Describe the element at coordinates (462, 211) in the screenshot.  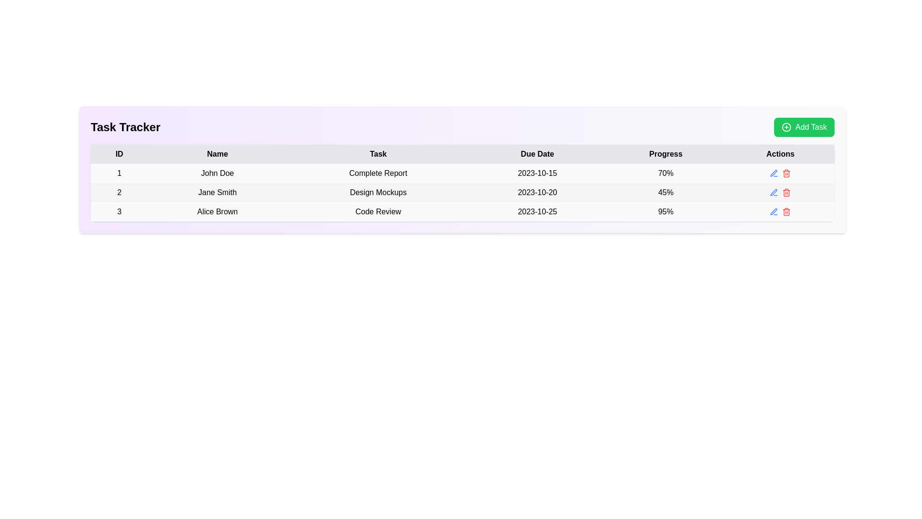
I see `the table row displaying the task 'Code Review' assigned to 'Alice Brown'` at that location.